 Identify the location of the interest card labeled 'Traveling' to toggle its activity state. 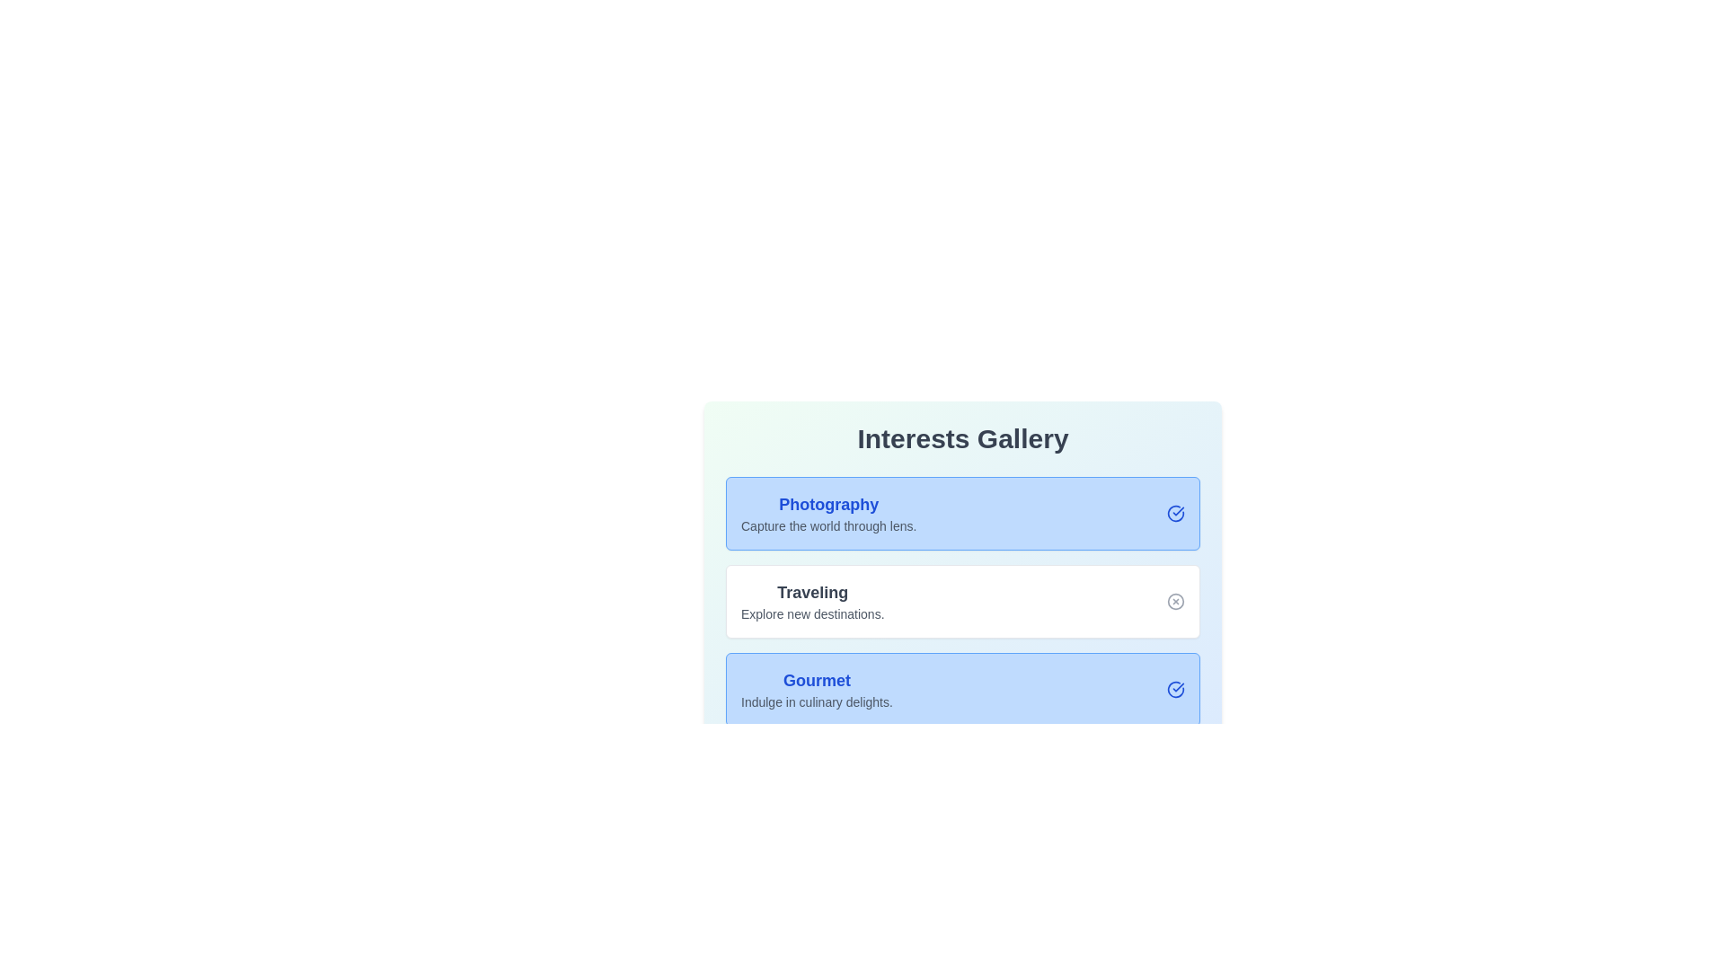
(961, 602).